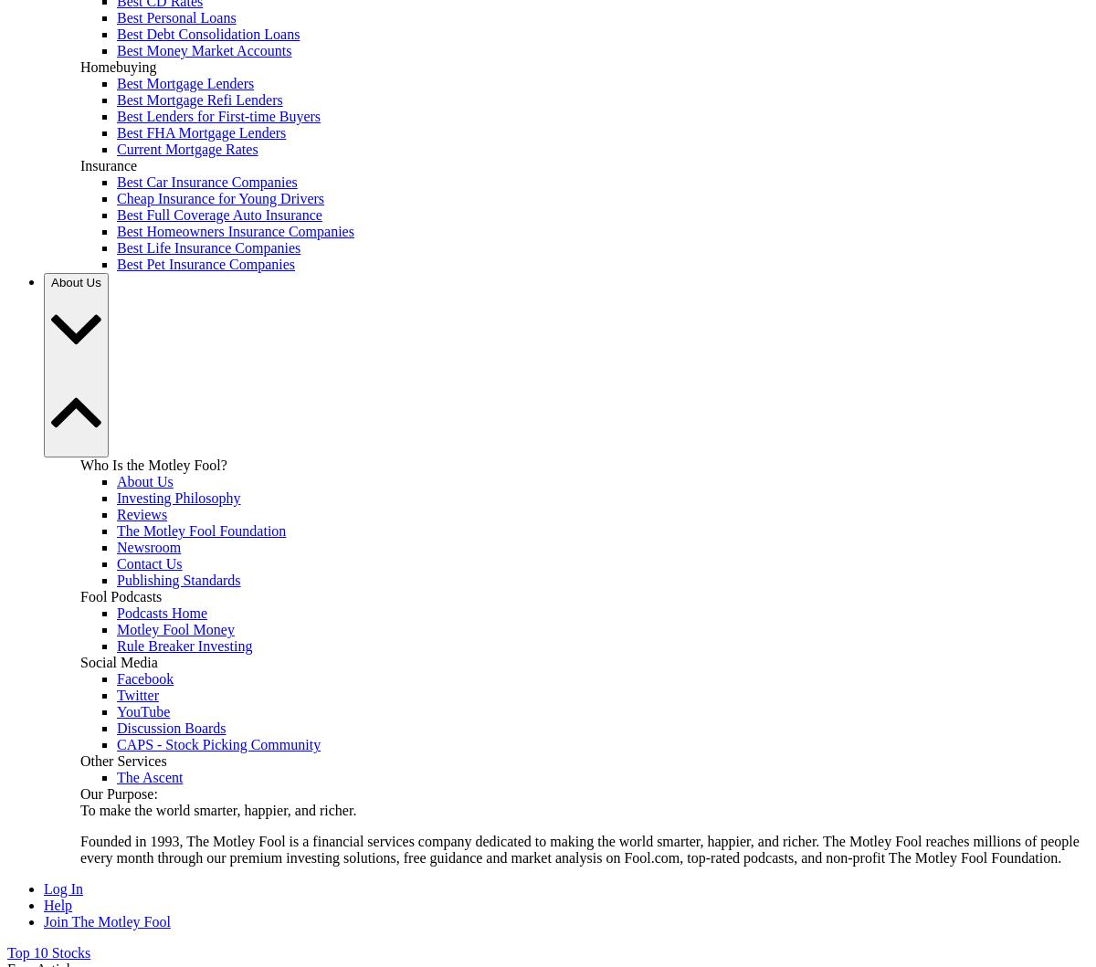 The height and width of the screenshot is (967, 1096). Describe the element at coordinates (205, 180) in the screenshot. I see `'Best Car Insurance Companies'` at that location.